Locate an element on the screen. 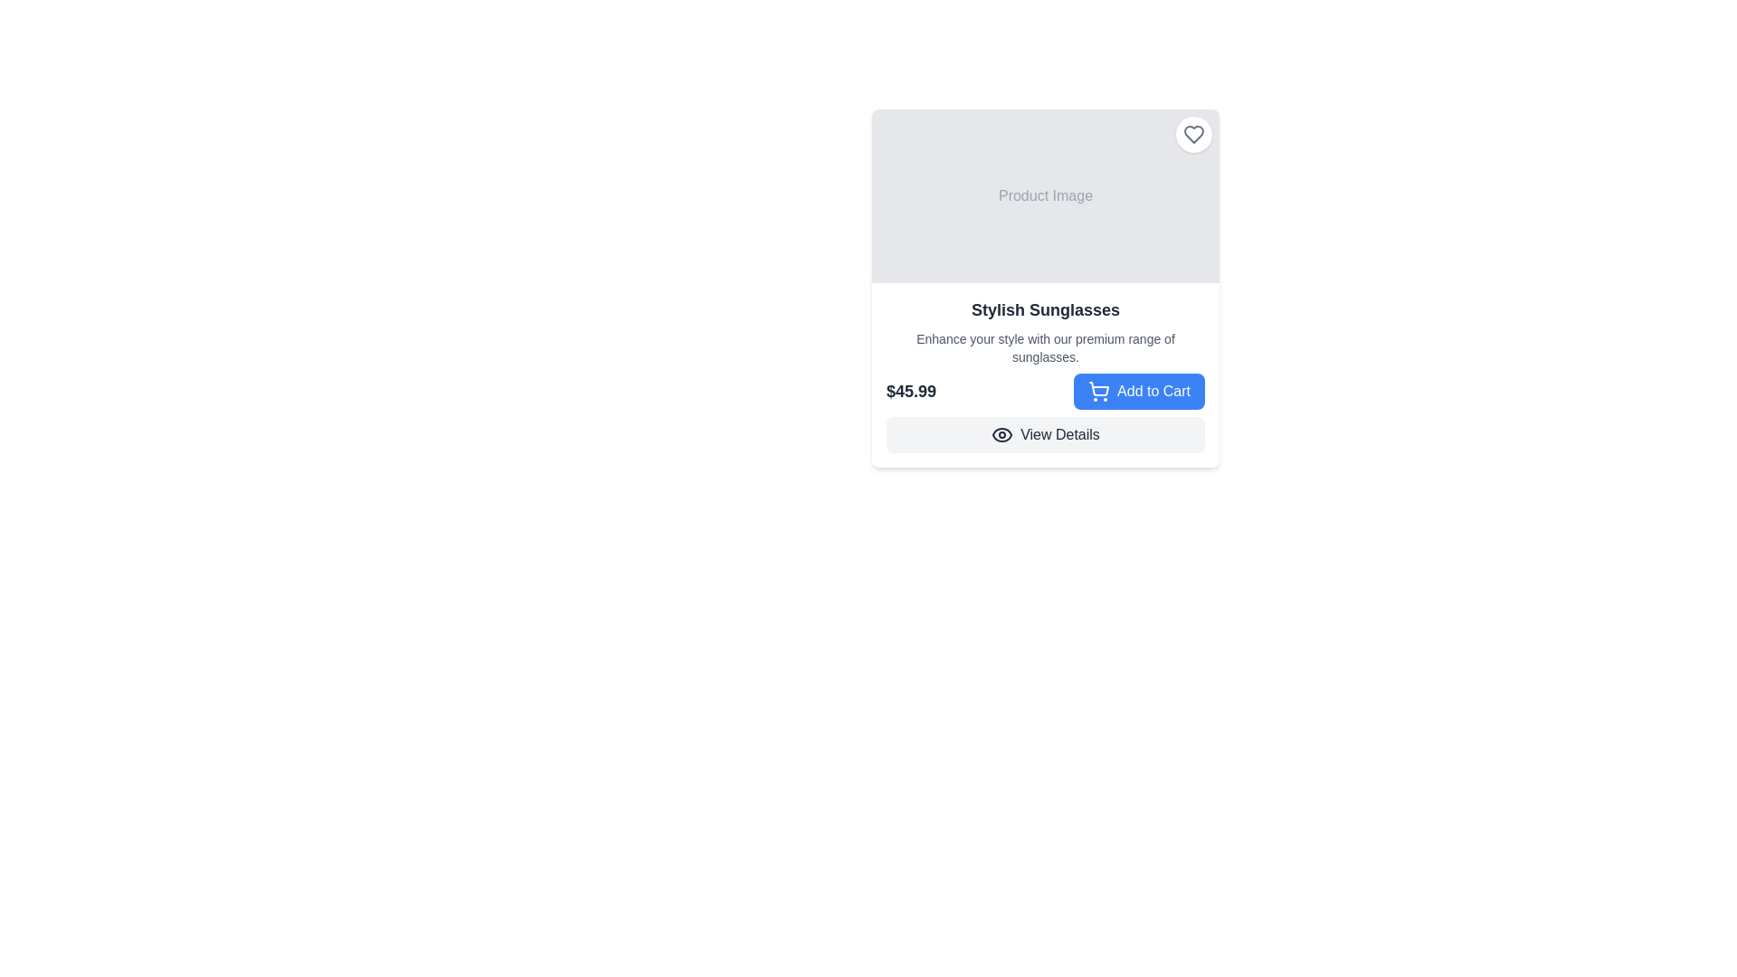 This screenshot has height=977, width=1737. the 'Add to Cart' button with a blue background and a shopping cart icon is located at coordinates (1138, 390).